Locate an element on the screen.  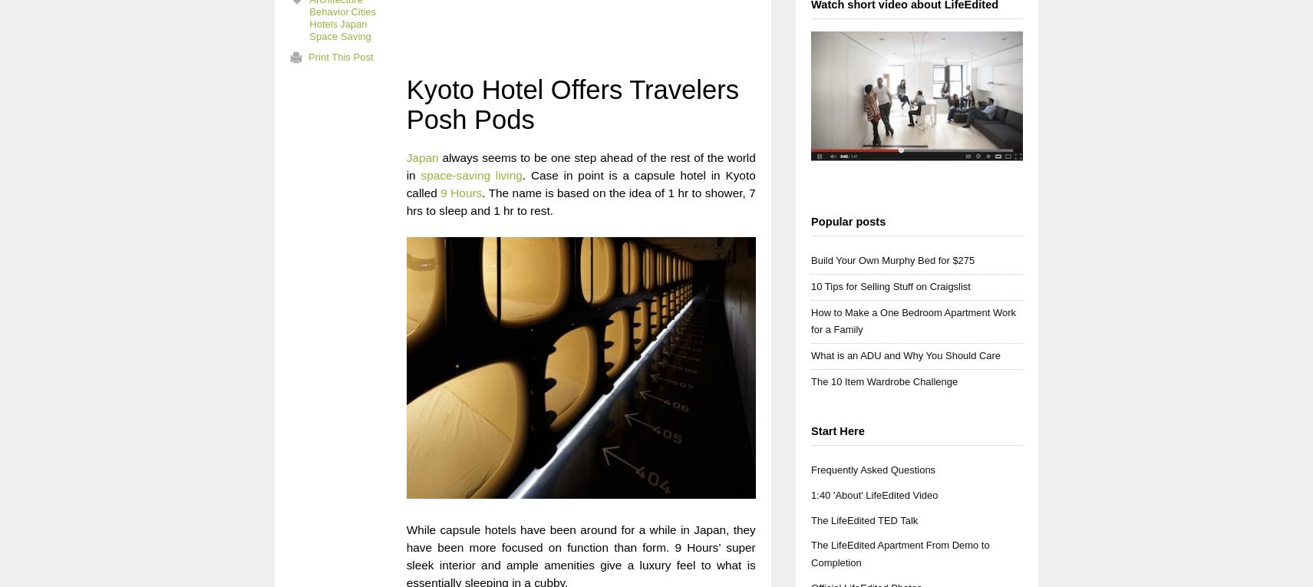
'The 10 Item Wardrobe Challenge' is located at coordinates (883, 381).